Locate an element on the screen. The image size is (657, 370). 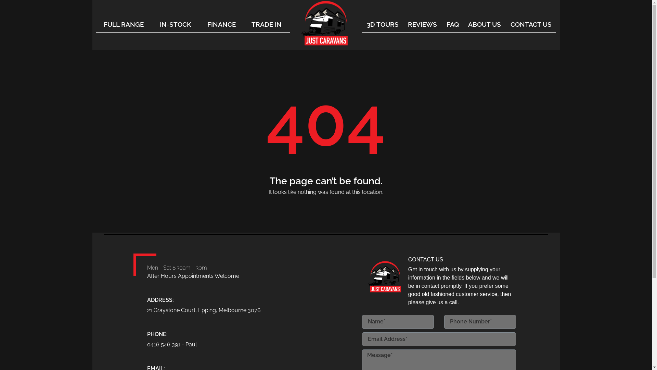
'FULL RANGE' is located at coordinates (124, 24).